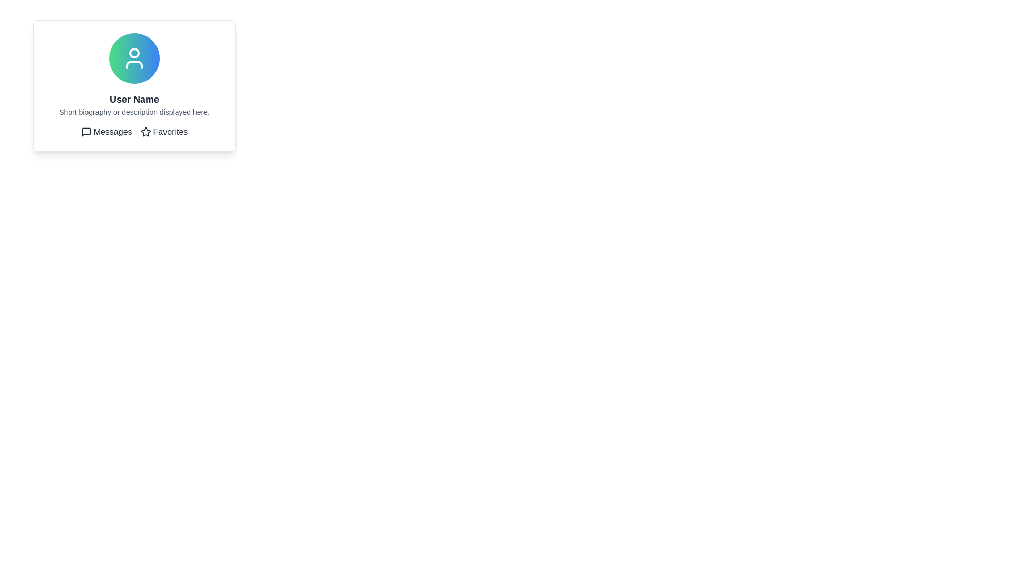  Describe the element at coordinates (133, 58) in the screenshot. I see `the user profile icon with a gradient background located at the top center of the card layout, above the 'User Name' text and aligned with the 'Messages' and 'Favorites' buttons` at that location.